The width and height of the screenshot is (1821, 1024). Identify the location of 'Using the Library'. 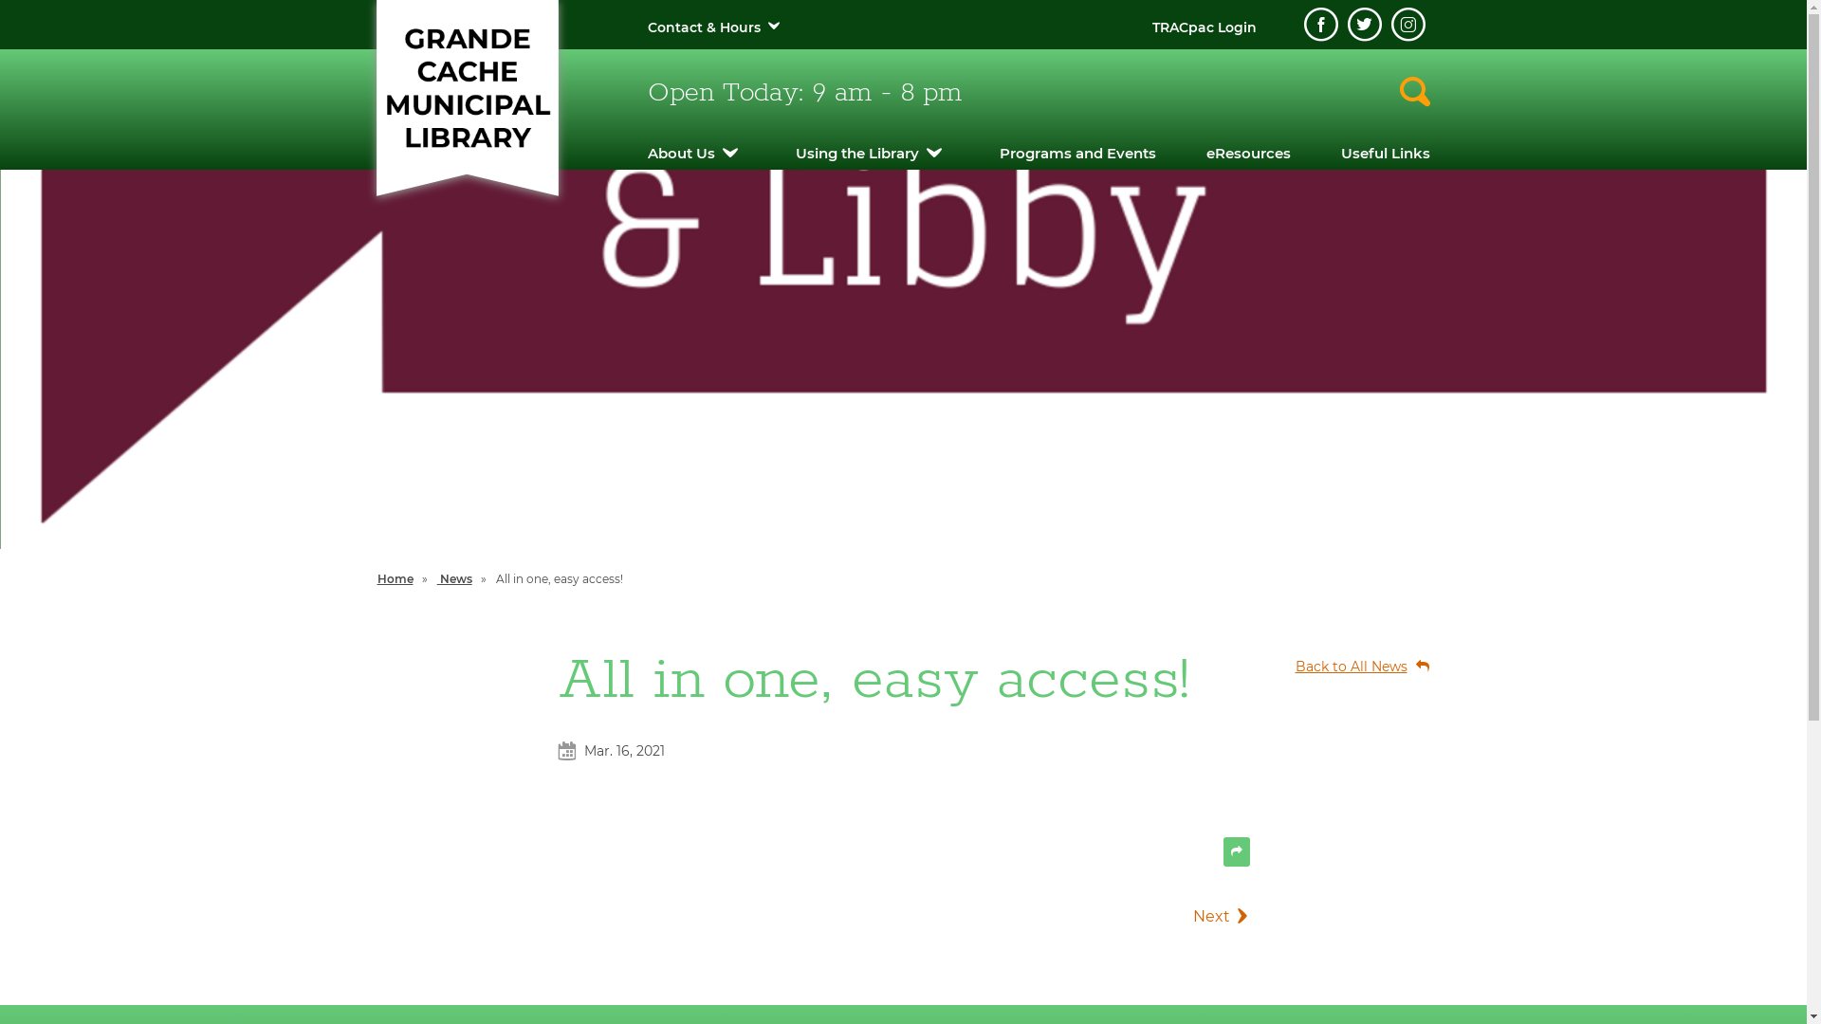
(795, 152).